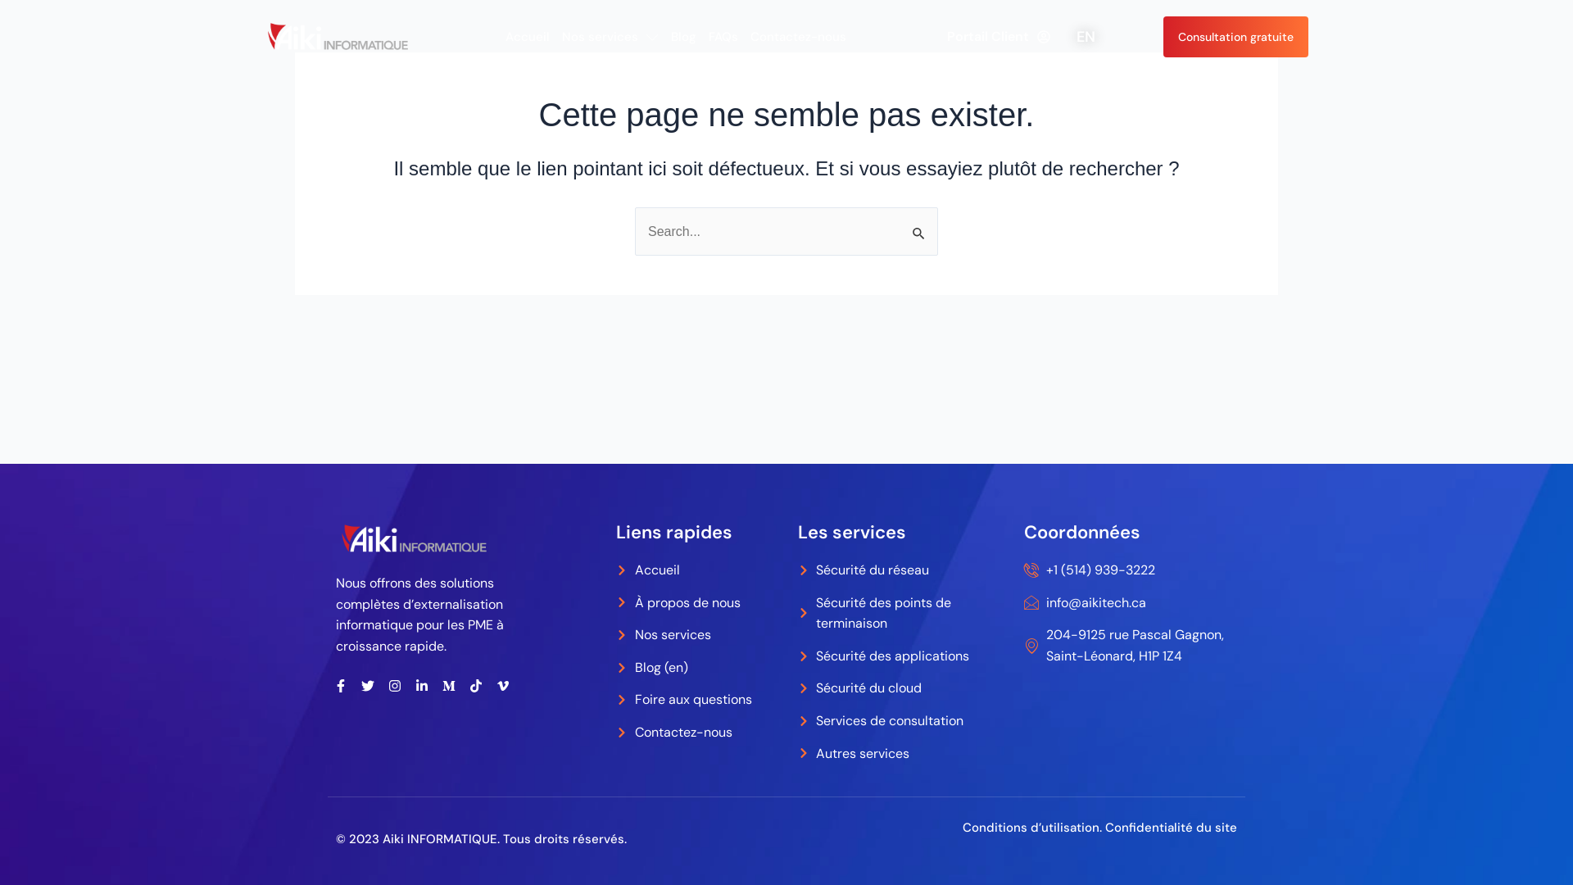 This screenshot has width=1573, height=885. Describe the element at coordinates (708, 37) in the screenshot. I see `'FAQs'` at that location.